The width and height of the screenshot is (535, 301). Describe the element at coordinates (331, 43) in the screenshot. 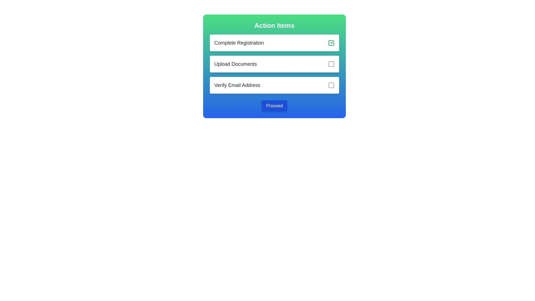

I see `the green checkbox icon with a white checkmark, located to the right of the 'Complete Registration' text` at that location.